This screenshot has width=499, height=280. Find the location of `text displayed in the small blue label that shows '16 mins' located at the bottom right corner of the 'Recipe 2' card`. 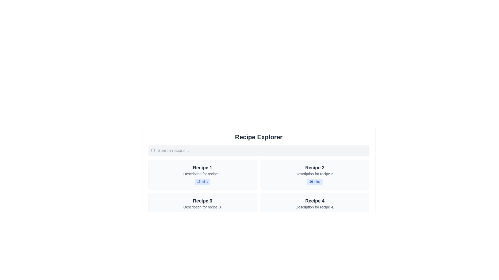

text displayed in the small blue label that shows '16 mins' located at the bottom right corner of the 'Recipe 2' card is located at coordinates (314, 181).